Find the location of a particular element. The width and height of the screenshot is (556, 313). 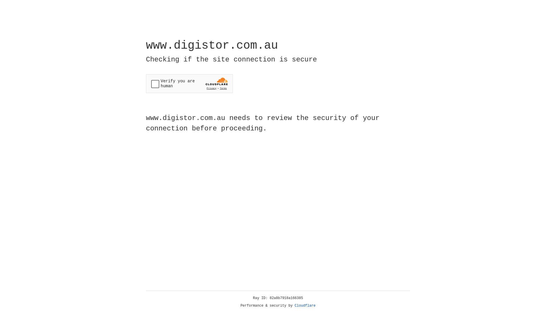

'Widget containing a Cloudflare security challenge' is located at coordinates (189, 83).